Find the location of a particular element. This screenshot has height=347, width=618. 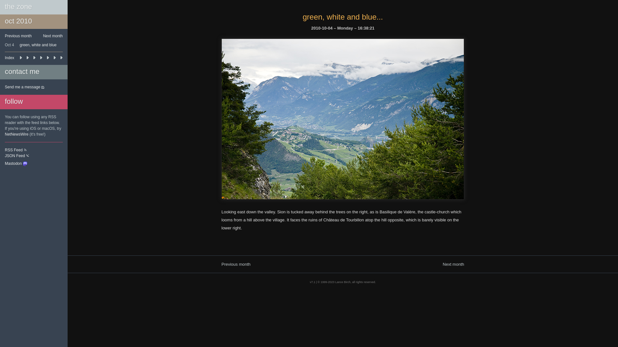

'Mastodon' is located at coordinates (16, 162).